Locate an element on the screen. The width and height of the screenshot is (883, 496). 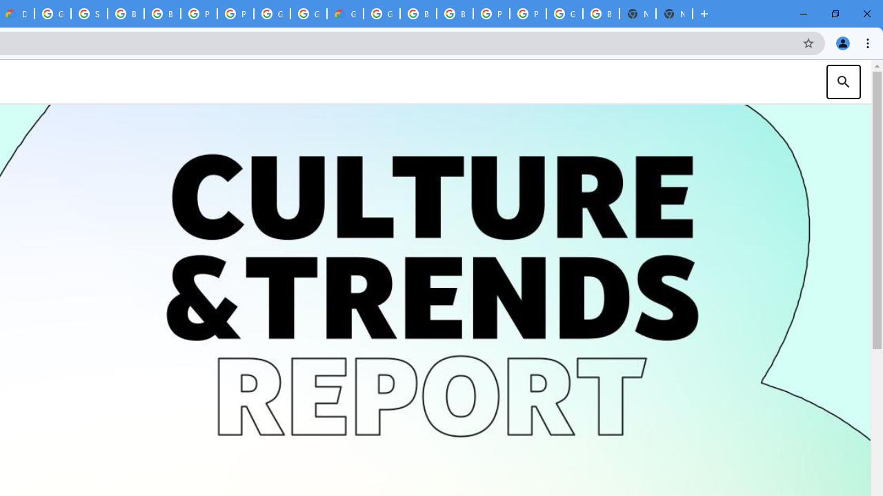
'Google Cloud Estimate Summary' is located at coordinates (345, 14).